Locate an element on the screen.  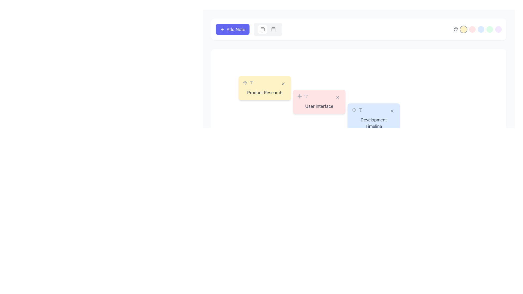
the 'X' icon button located in the top-right corner of the blue card labeled 'Development Timeline' to activate hover effects is located at coordinates (392, 111).